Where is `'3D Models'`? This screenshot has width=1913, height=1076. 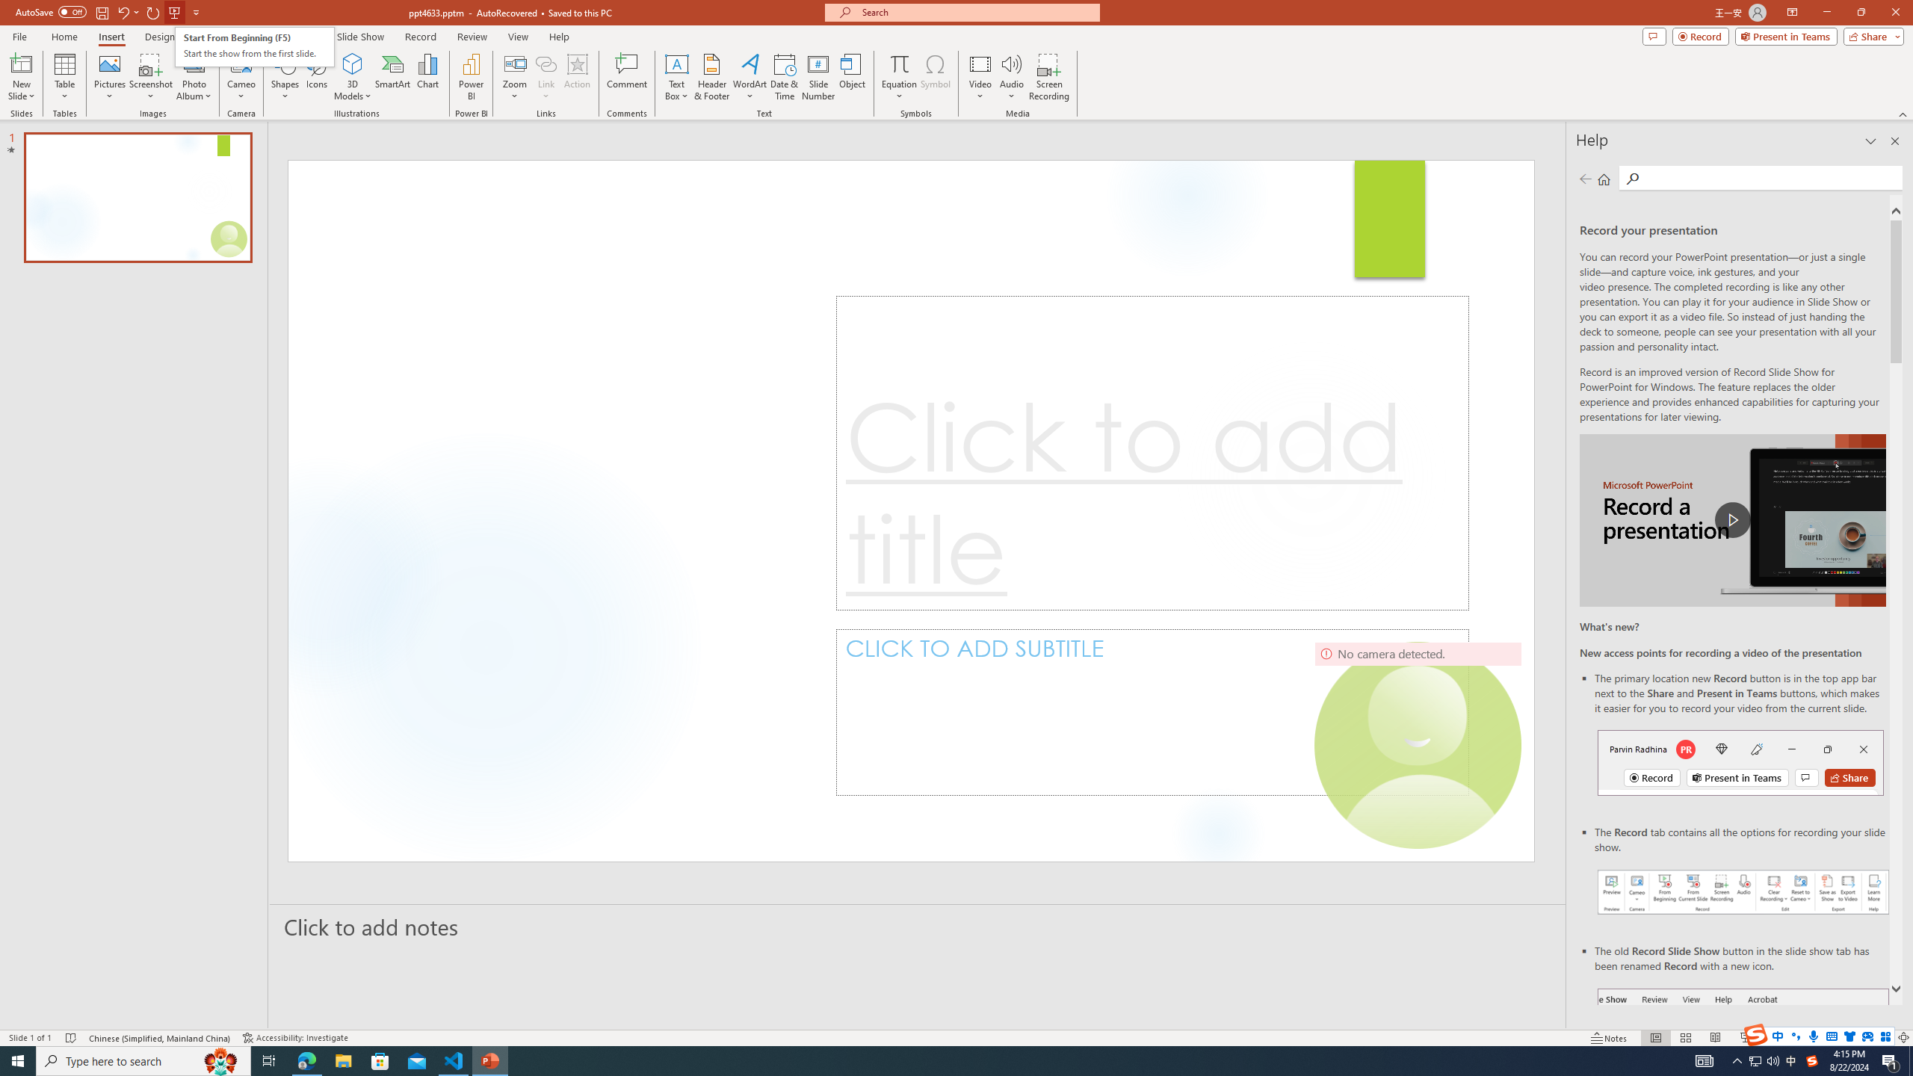 '3D Models' is located at coordinates (353, 77).